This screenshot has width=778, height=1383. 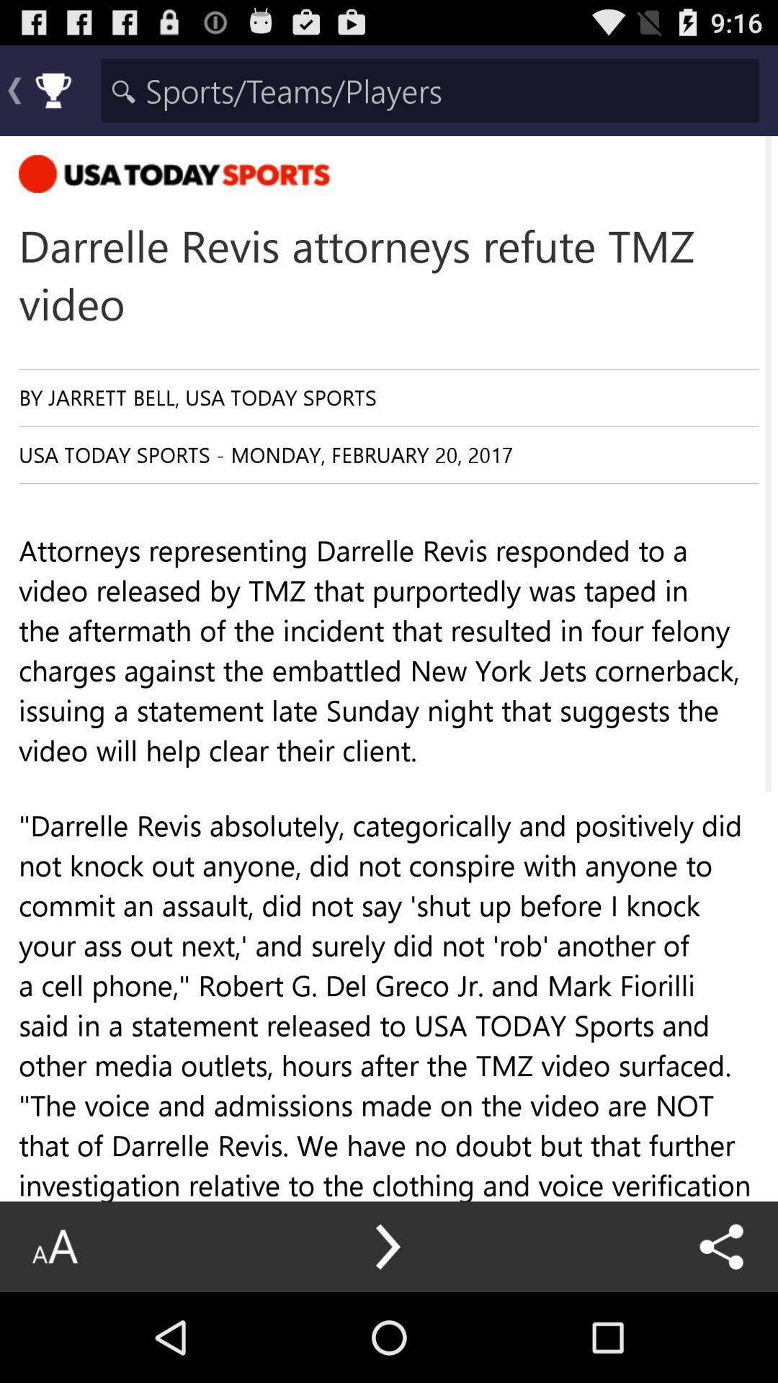 I want to click on breadcrumbs, so click(x=429, y=89).